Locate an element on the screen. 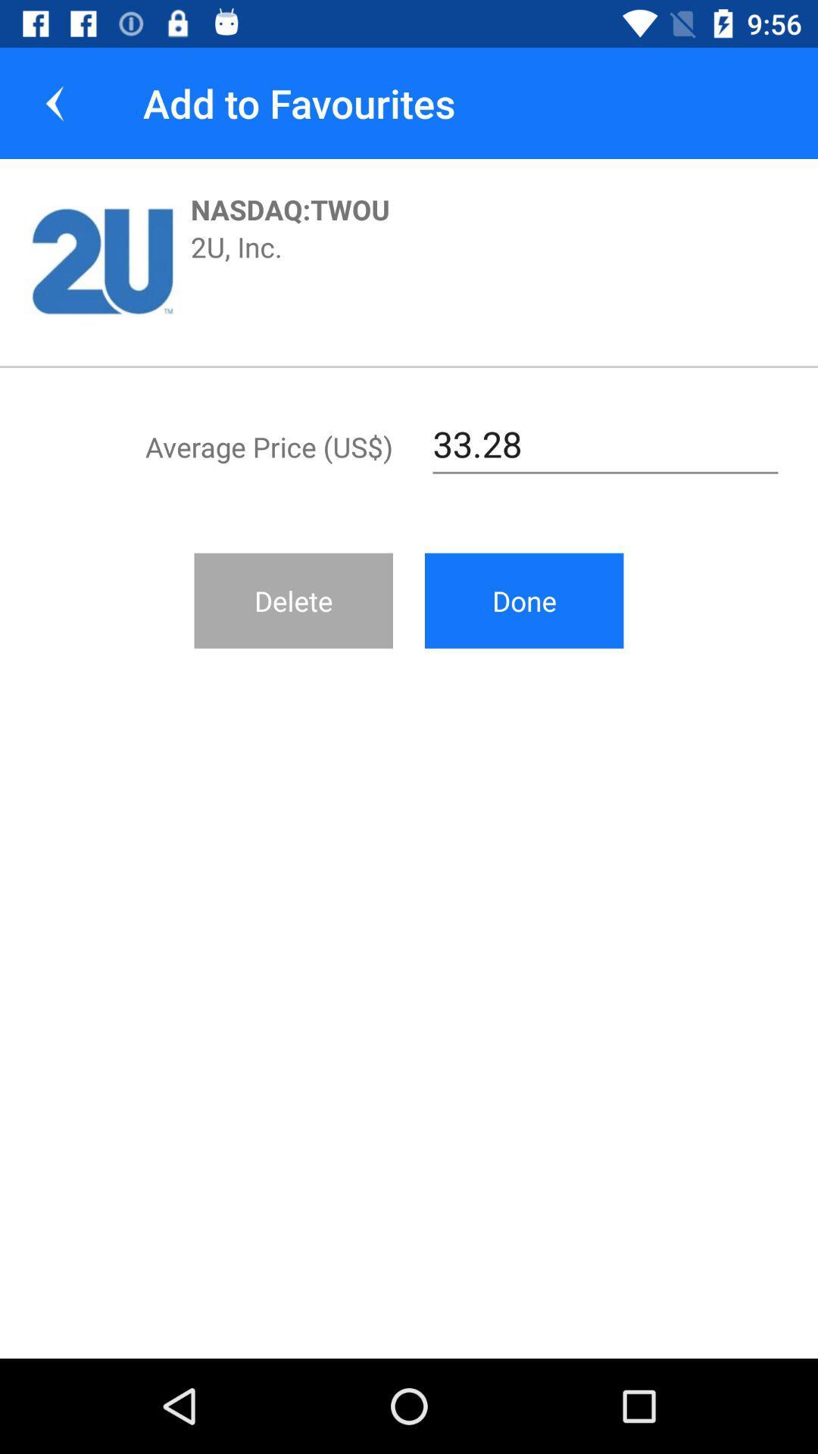 This screenshot has width=818, height=1454. the item next to average price (us$) item is located at coordinates (604, 444).